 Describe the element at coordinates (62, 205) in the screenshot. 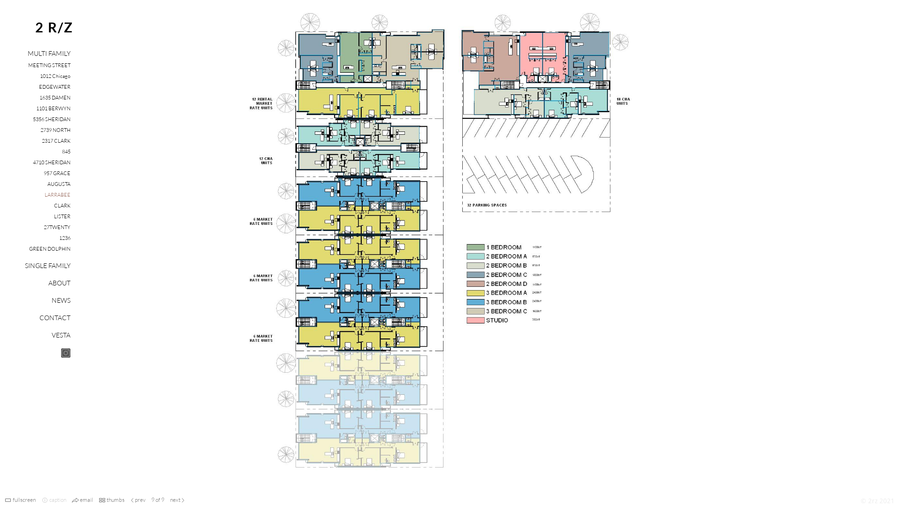

I see `'CLARK'` at that location.